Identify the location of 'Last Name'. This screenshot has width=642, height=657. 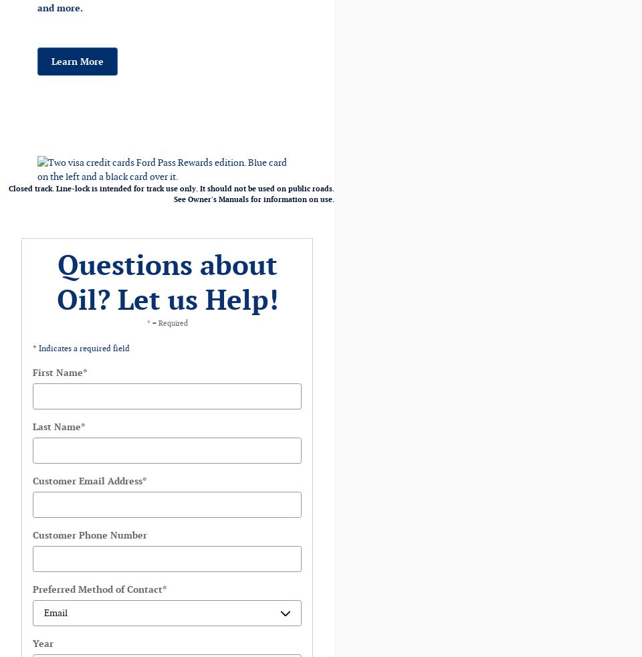
(56, 426).